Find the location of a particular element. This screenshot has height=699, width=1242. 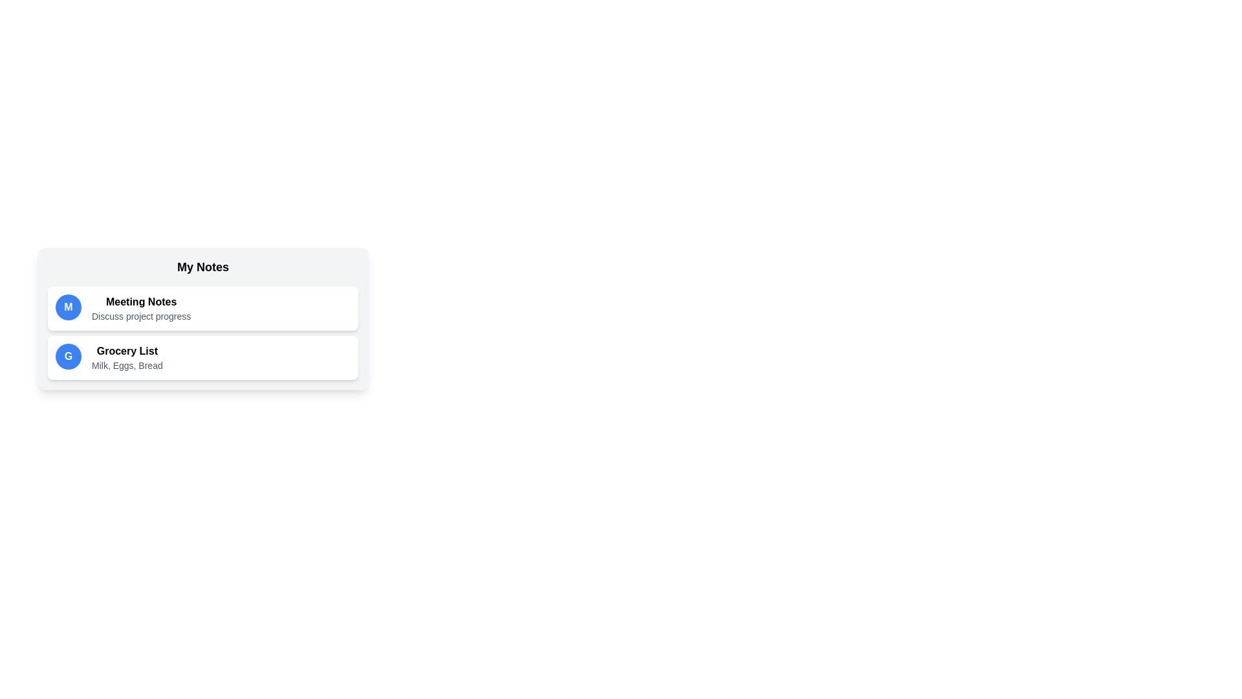

the description of the note titled 'Meeting Notes' to edit it is located at coordinates (140, 316).